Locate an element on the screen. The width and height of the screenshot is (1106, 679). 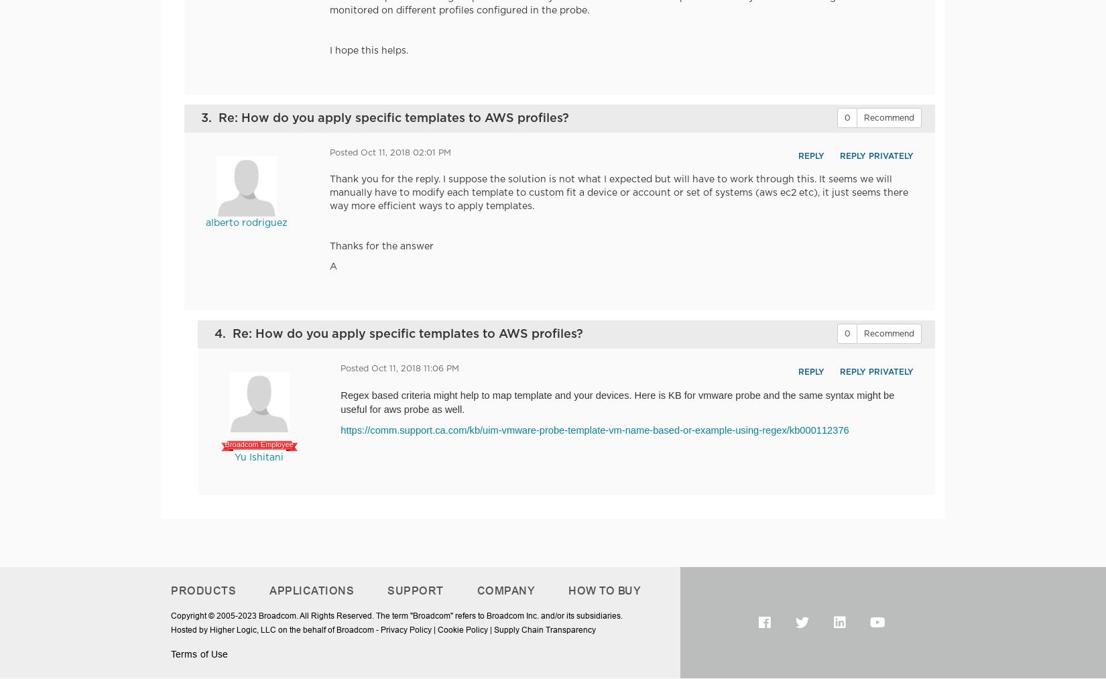
'Company' is located at coordinates (505, 590).